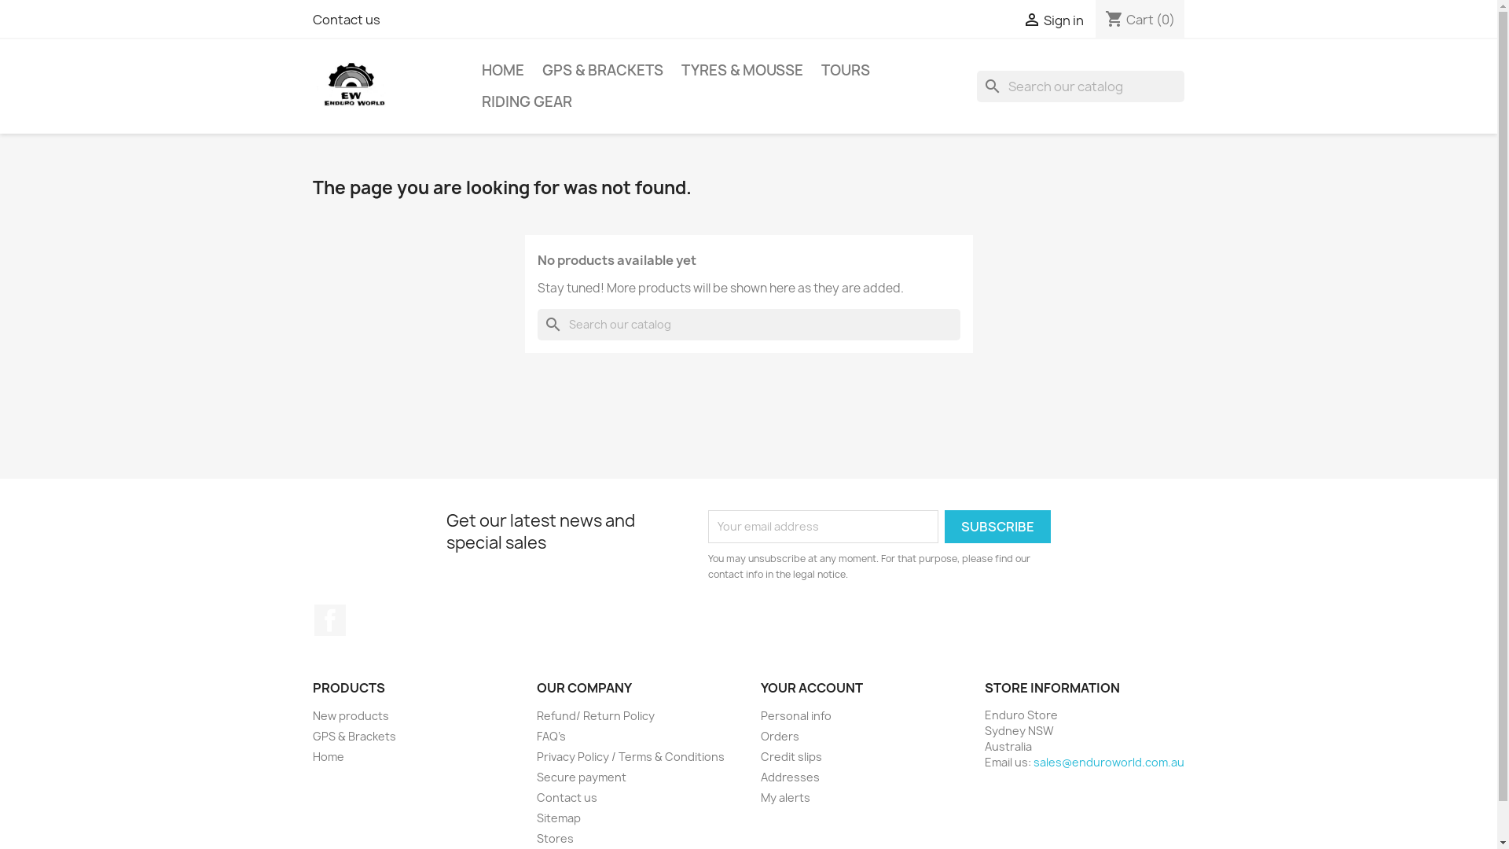 This screenshot has width=1509, height=849. What do you see at coordinates (761, 687) in the screenshot?
I see `'YOUR ACCOUNT'` at bounding box center [761, 687].